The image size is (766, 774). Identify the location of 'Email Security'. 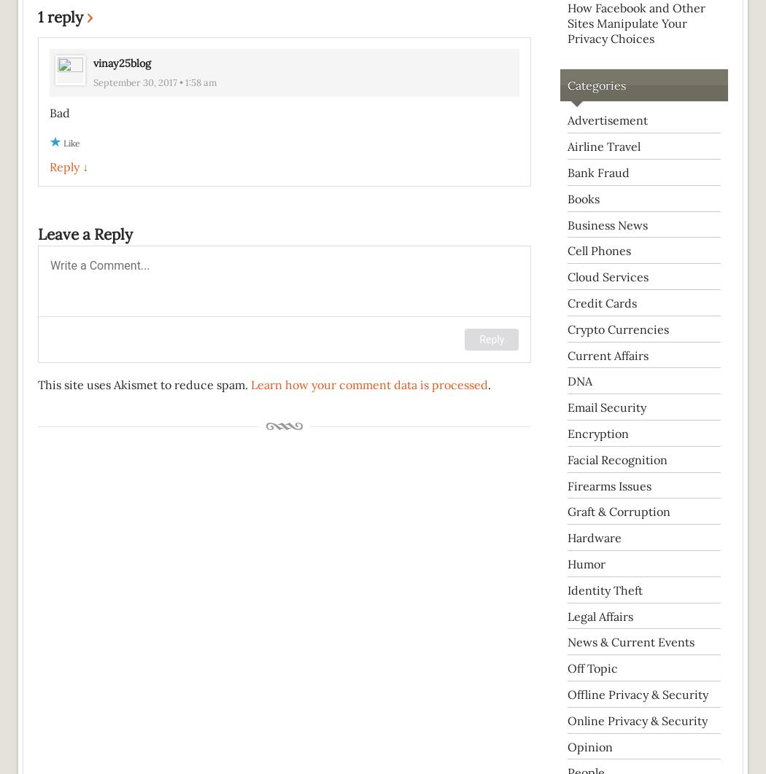
(607, 407).